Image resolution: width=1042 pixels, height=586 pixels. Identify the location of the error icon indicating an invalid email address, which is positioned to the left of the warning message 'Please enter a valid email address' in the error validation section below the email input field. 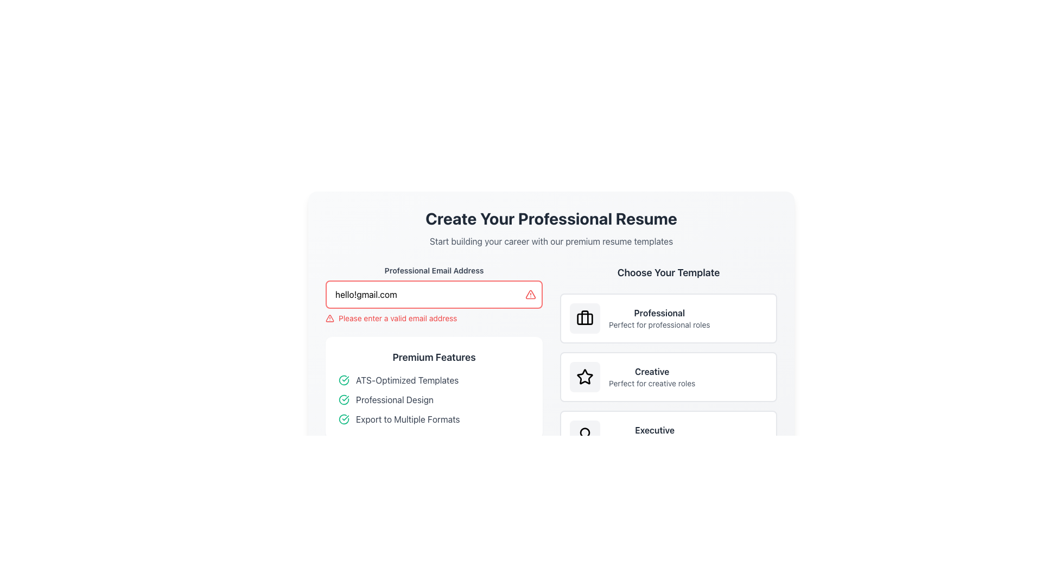
(329, 317).